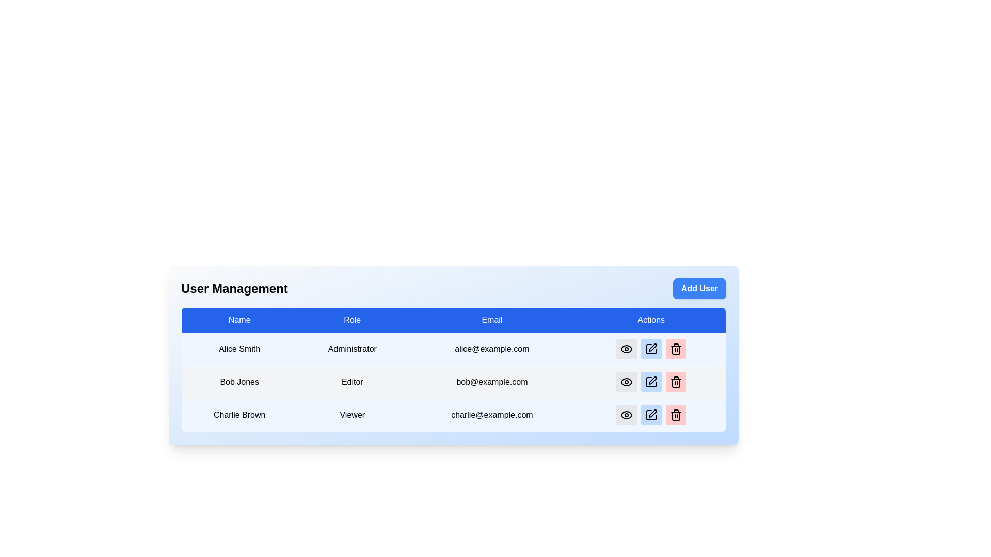 The image size is (991, 557). I want to click on the second button from the left in the row of action buttons associated with the user 'Bob Jones', which is the second row in the table, so click(651, 382).